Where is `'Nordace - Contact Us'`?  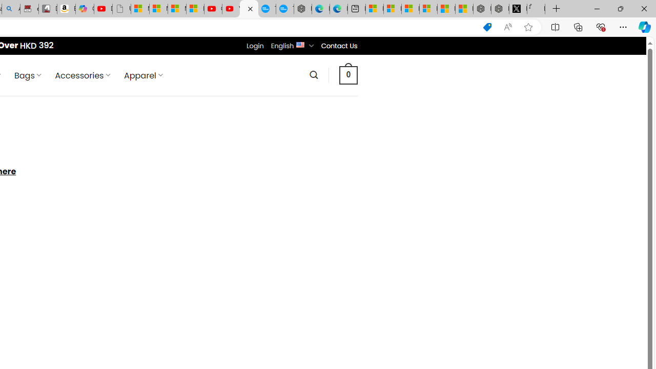
'Nordace - Contact Us' is located at coordinates (249, 9).